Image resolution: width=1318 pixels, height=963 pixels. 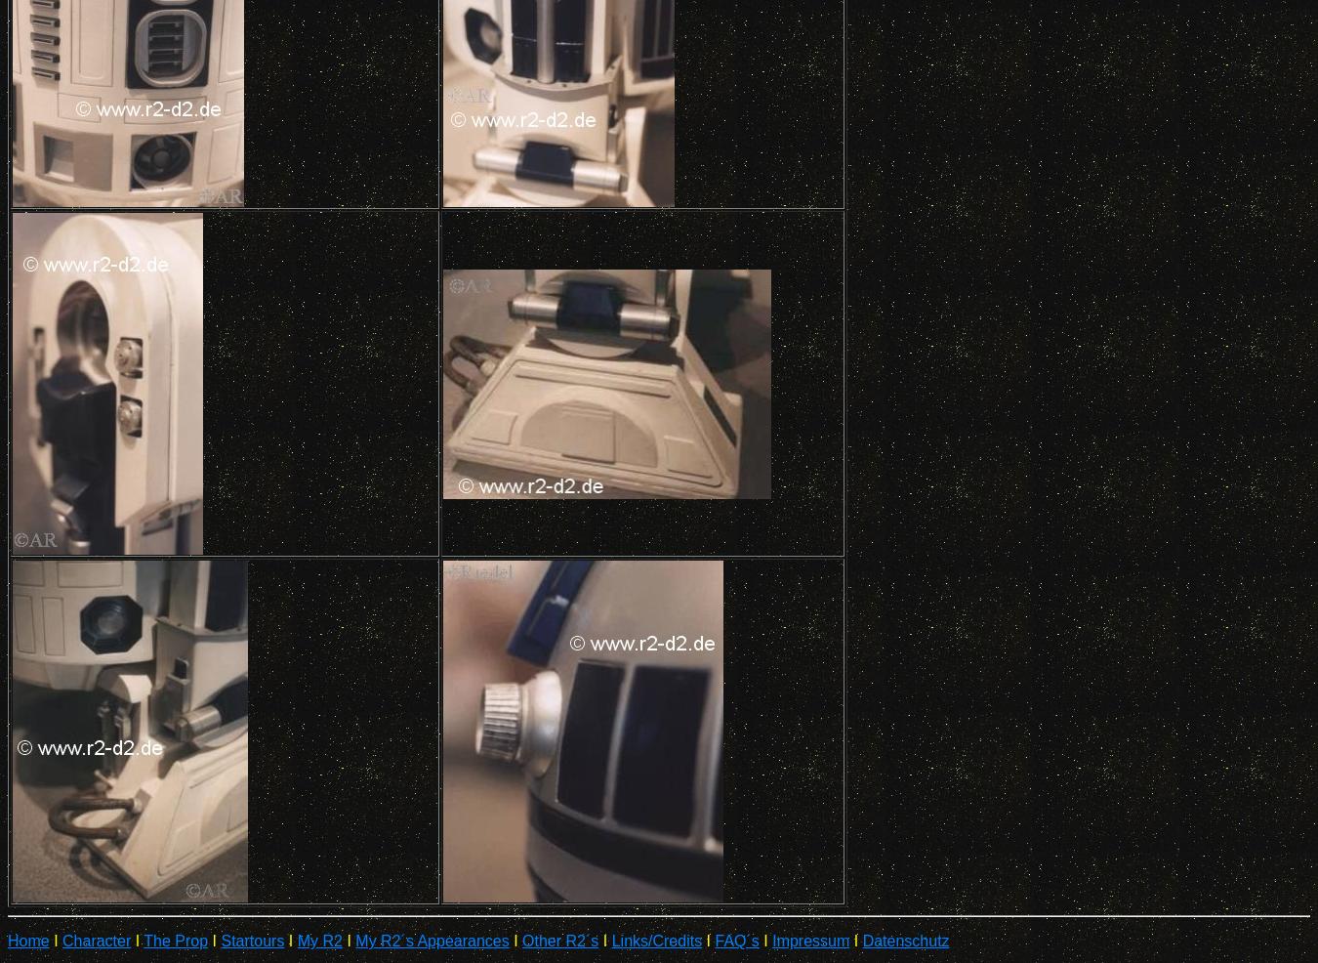 I want to click on 'Links/Credits', so click(x=656, y=941).